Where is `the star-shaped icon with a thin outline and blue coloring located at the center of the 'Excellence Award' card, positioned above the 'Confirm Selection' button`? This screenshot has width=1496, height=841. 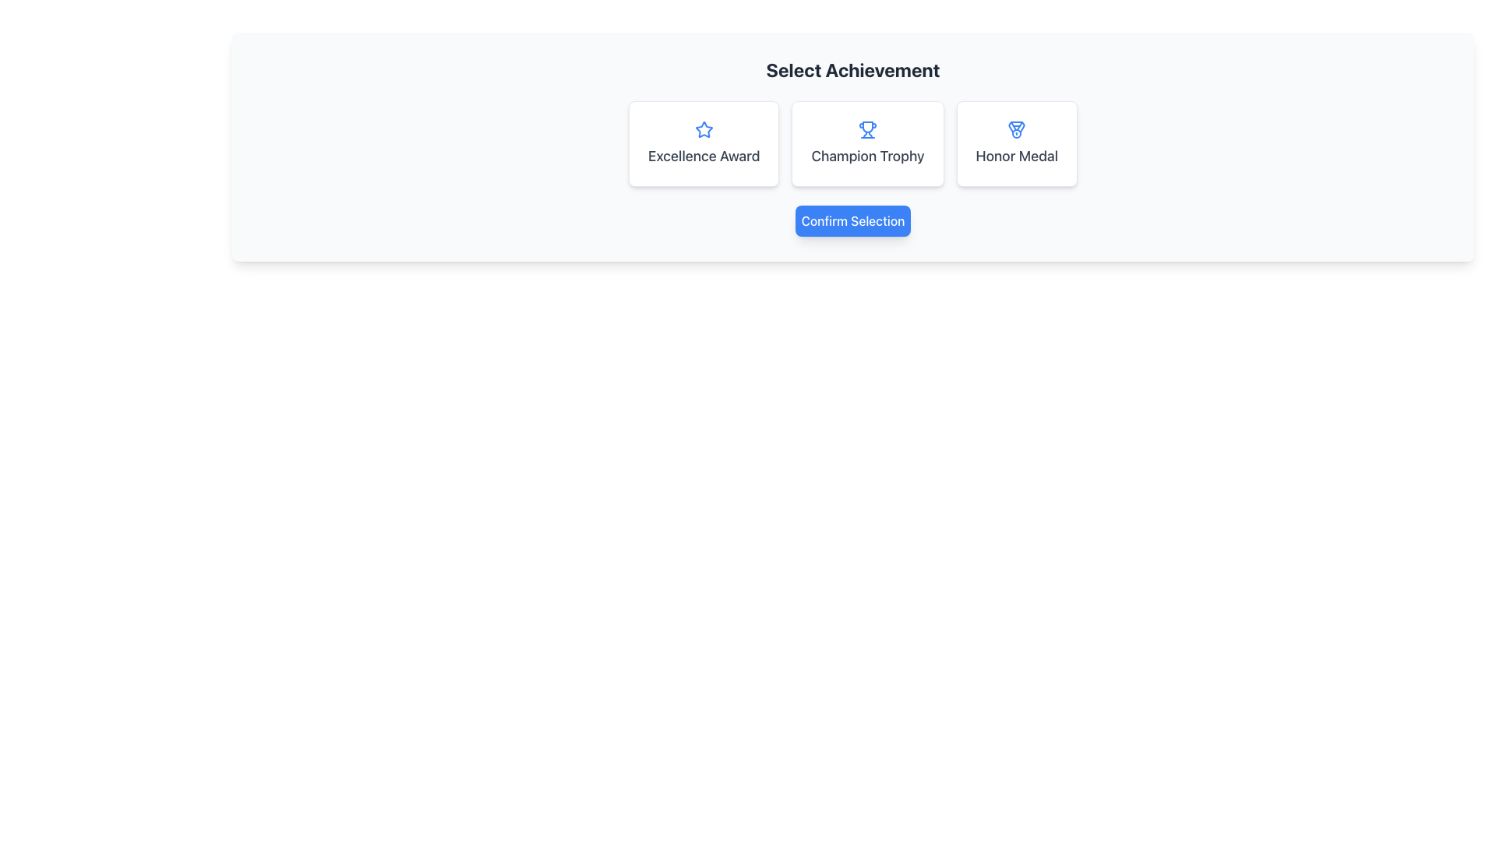 the star-shaped icon with a thin outline and blue coloring located at the center of the 'Excellence Award' card, positioned above the 'Confirm Selection' button is located at coordinates (703, 128).